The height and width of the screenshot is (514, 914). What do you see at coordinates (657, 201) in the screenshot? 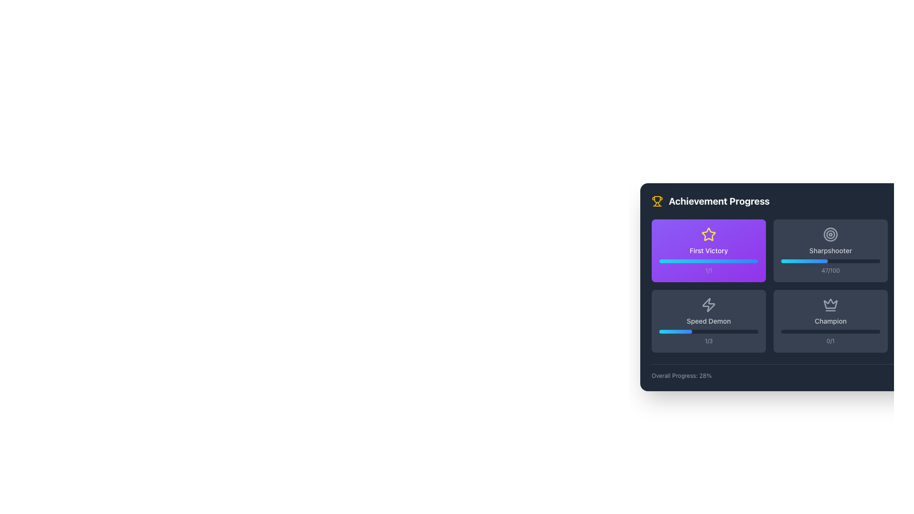
I see `the trophy icon, which is yellow and located to the left of the 'Achievement Progress' text in the top-left section of the card` at bounding box center [657, 201].